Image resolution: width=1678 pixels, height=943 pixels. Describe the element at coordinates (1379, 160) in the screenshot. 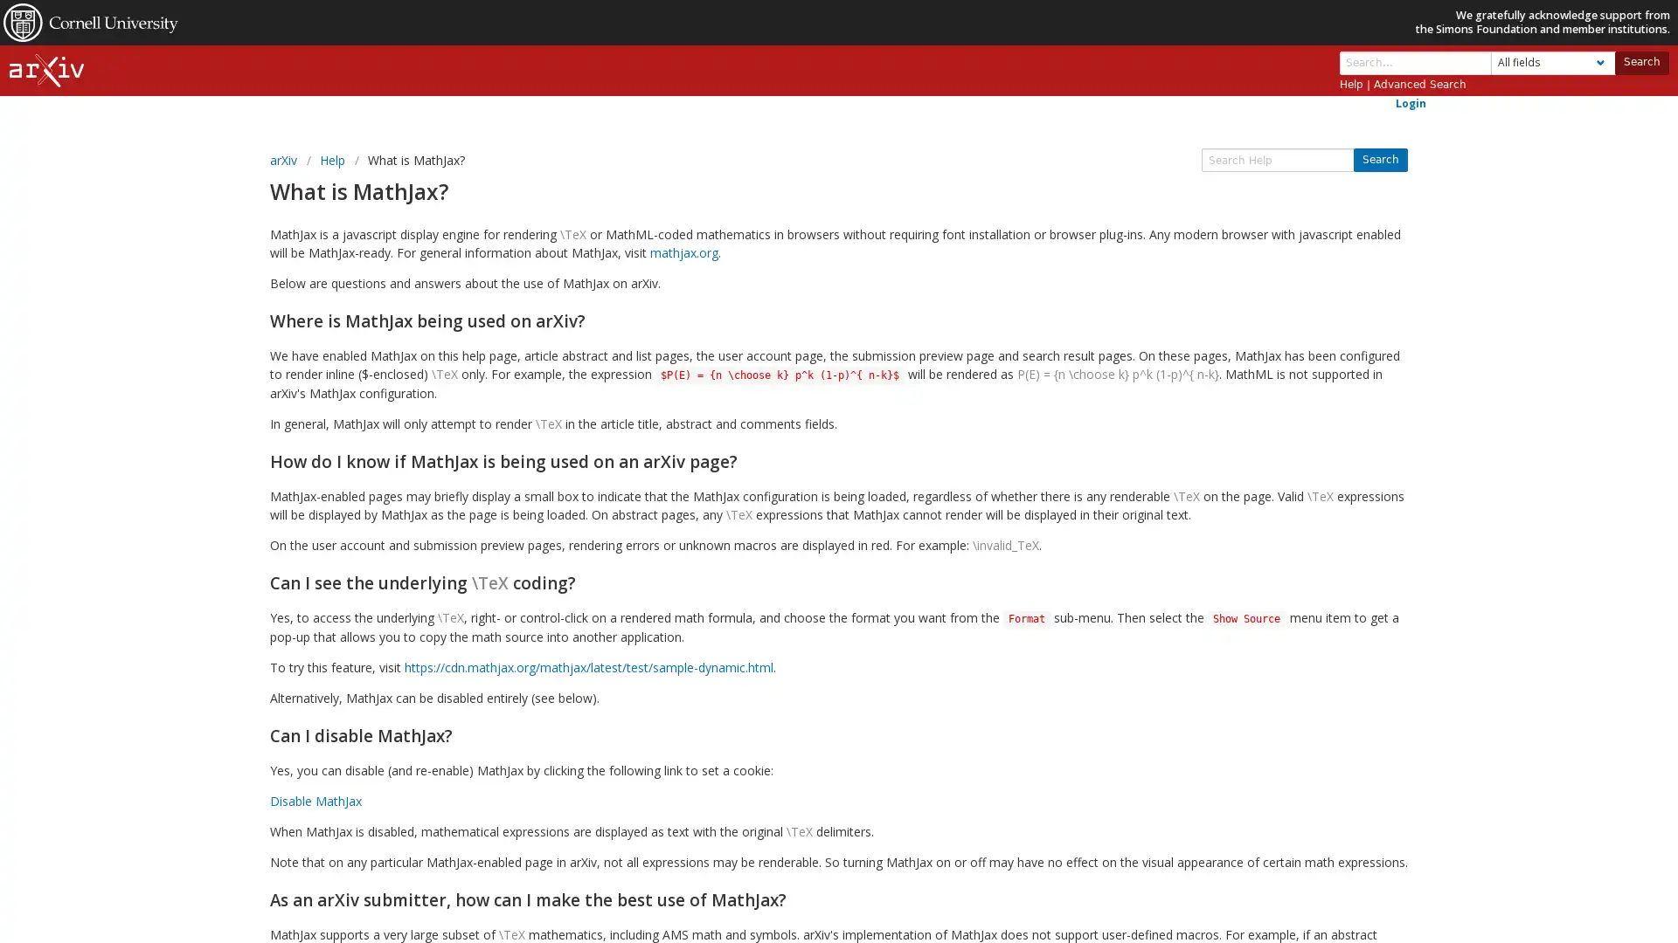

I see `Search` at that location.